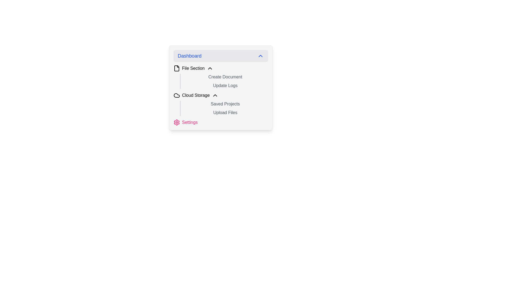 The width and height of the screenshot is (519, 292). Describe the element at coordinates (260, 56) in the screenshot. I see `the upward-pointing chevron icon located next to the 'Dashboard' text` at that location.